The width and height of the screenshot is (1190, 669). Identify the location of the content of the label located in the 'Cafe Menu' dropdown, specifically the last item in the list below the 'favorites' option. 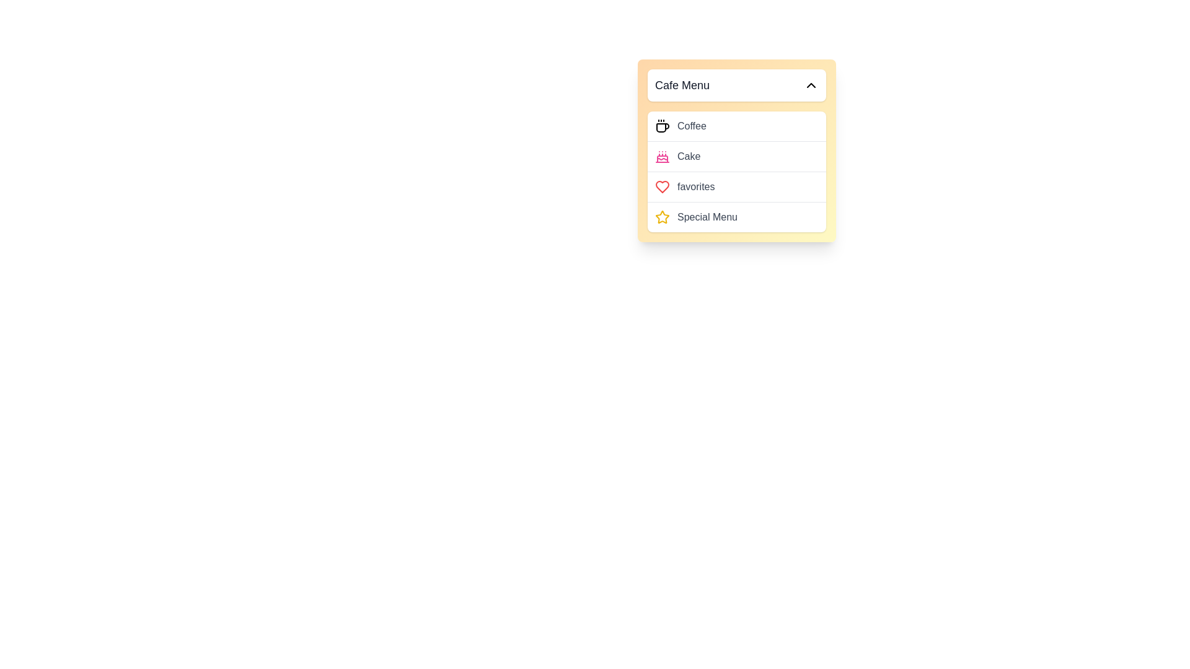
(707, 217).